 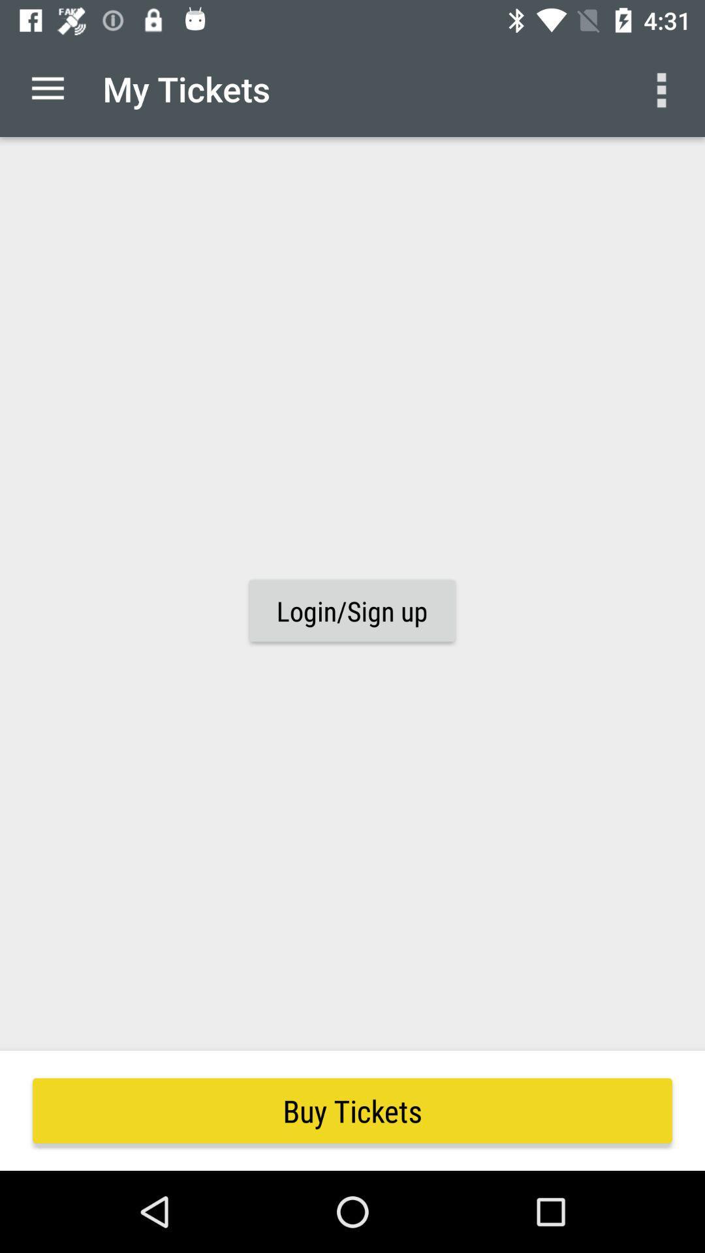 I want to click on the item above the buy tickets, so click(x=47, y=88).